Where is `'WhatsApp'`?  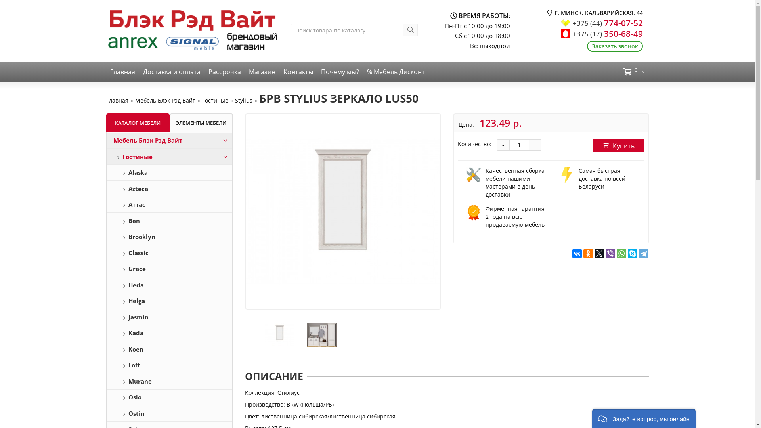 'WhatsApp' is located at coordinates (621, 254).